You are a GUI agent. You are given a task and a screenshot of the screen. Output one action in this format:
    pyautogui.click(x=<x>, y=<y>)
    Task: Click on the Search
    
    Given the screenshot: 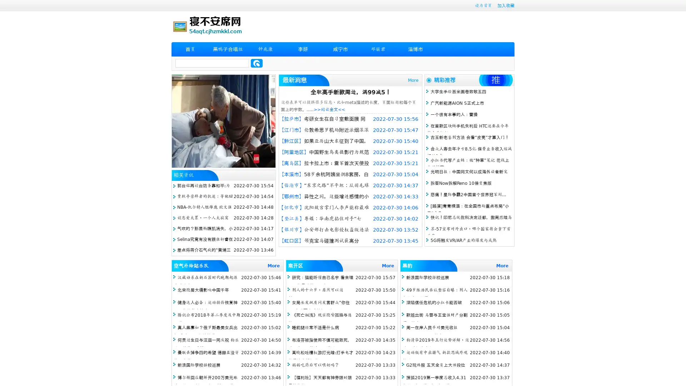 What is the action you would take?
    pyautogui.click(x=257, y=63)
    